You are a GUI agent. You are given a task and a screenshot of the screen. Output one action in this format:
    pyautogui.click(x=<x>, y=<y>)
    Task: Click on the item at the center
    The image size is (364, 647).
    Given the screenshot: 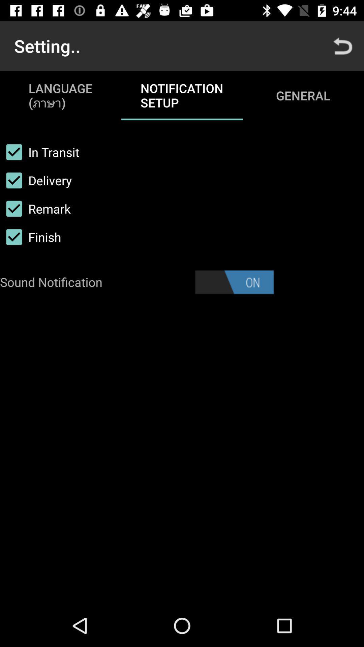 What is the action you would take?
    pyautogui.click(x=234, y=282)
    